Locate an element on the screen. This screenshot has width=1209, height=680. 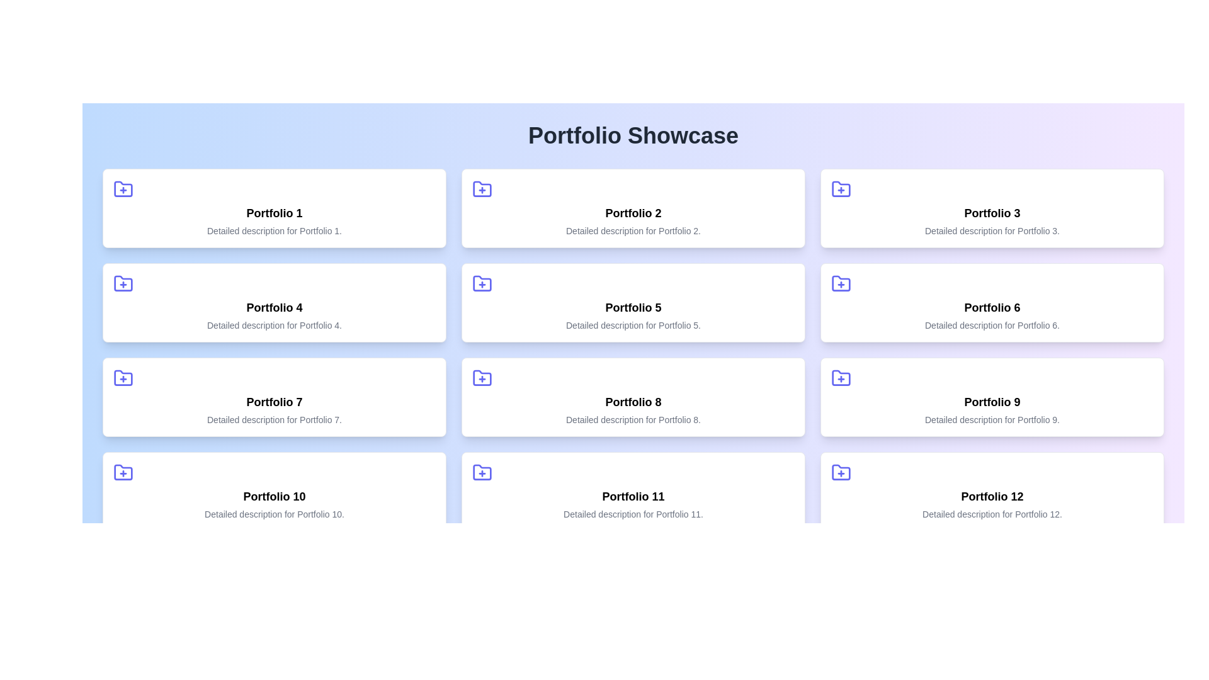
the icon in the third row, second column of the grid layout is located at coordinates (841, 377).